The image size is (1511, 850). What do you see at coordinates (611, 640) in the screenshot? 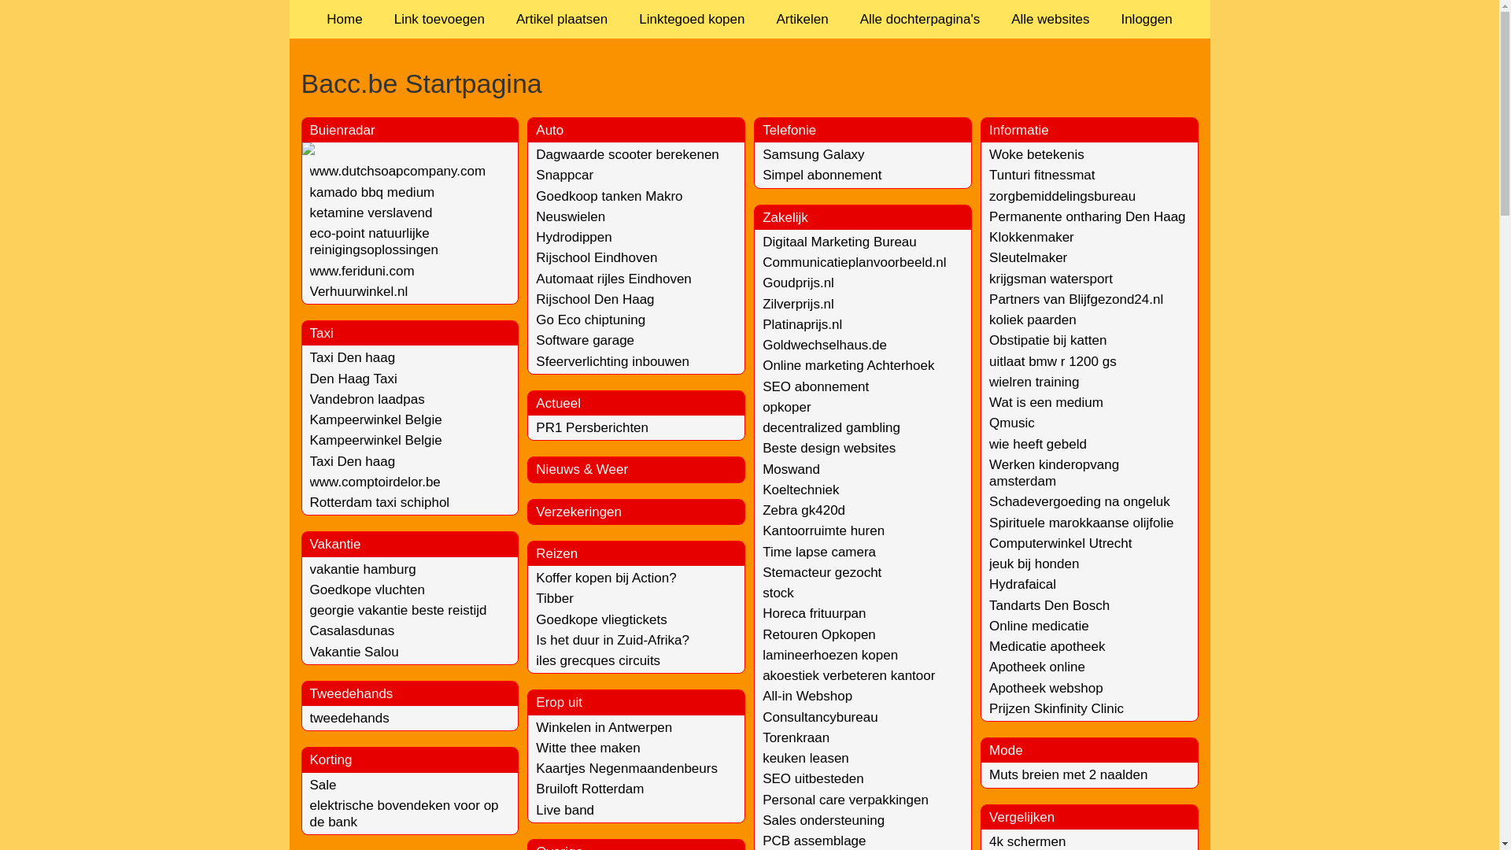
I see `'Is het duur in Zuid-Afrika?'` at bounding box center [611, 640].